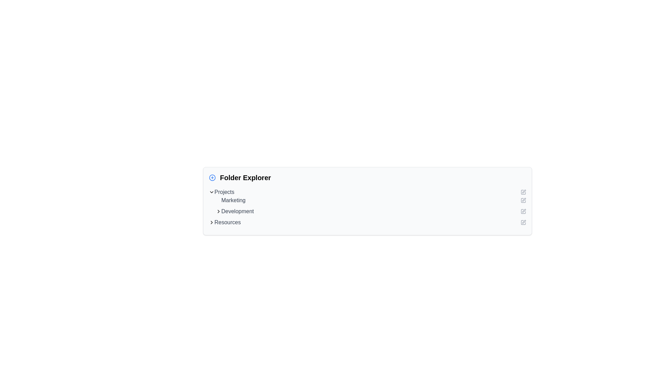 The height and width of the screenshot is (372, 662). Describe the element at coordinates (523, 222) in the screenshot. I see `the edit icon located at the end of the 'Resources' row to initiate the edit action` at that location.